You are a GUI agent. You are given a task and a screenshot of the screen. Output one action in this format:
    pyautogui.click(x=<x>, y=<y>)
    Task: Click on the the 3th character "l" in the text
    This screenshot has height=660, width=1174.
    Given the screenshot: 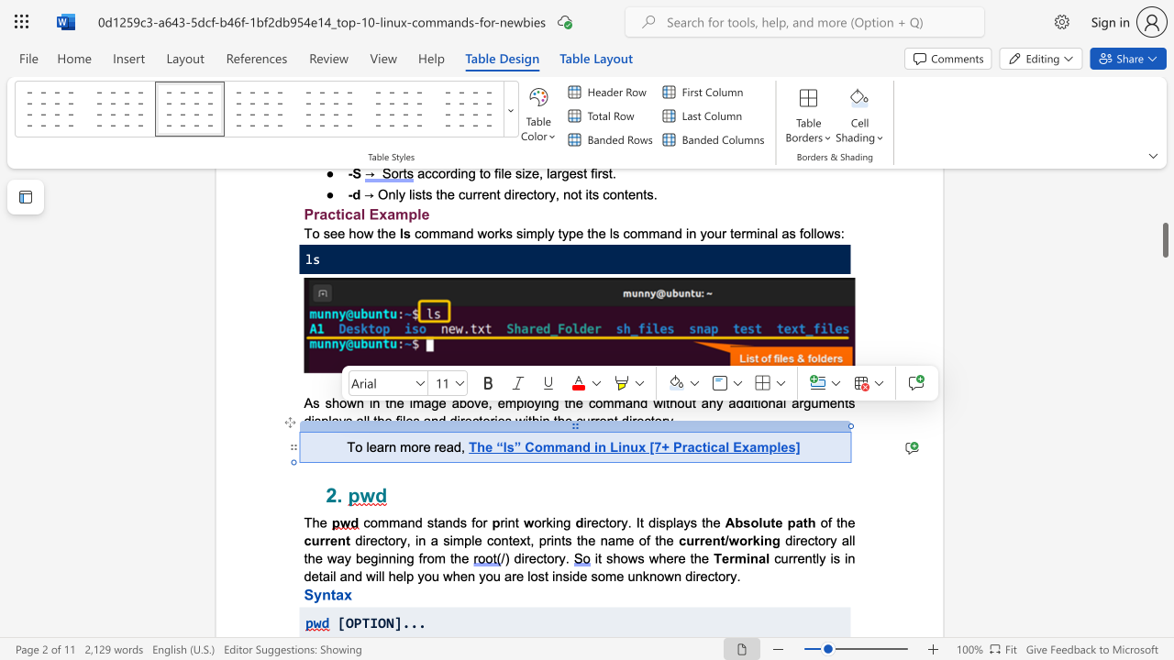 What is the action you would take?
    pyautogui.click(x=379, y=575)
    